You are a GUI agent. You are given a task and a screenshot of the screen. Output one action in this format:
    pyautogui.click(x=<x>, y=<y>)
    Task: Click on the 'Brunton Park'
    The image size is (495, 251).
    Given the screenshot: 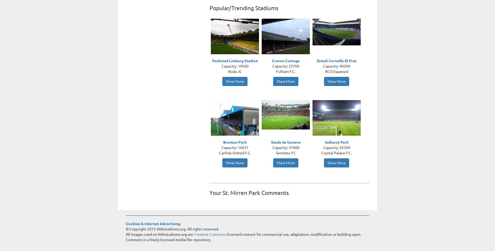 What is the action you would take?
    pyautogui.click(x=235, y=142)
    